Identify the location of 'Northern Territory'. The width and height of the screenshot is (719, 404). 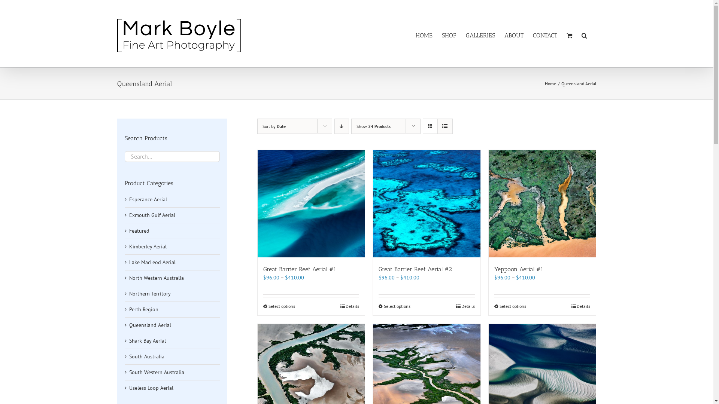
(149, 293).